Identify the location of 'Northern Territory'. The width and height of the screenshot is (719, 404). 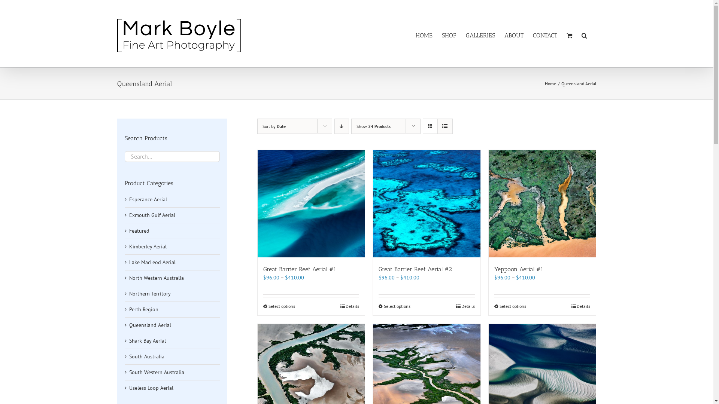
(149, 293).